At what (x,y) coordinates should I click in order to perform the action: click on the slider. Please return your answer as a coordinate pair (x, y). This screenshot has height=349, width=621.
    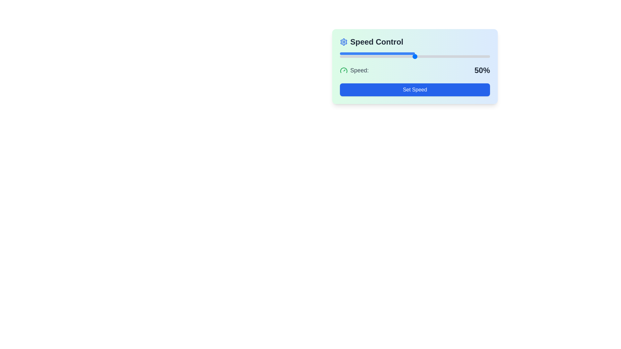
    Looking at the image, I should click on (371, 56).